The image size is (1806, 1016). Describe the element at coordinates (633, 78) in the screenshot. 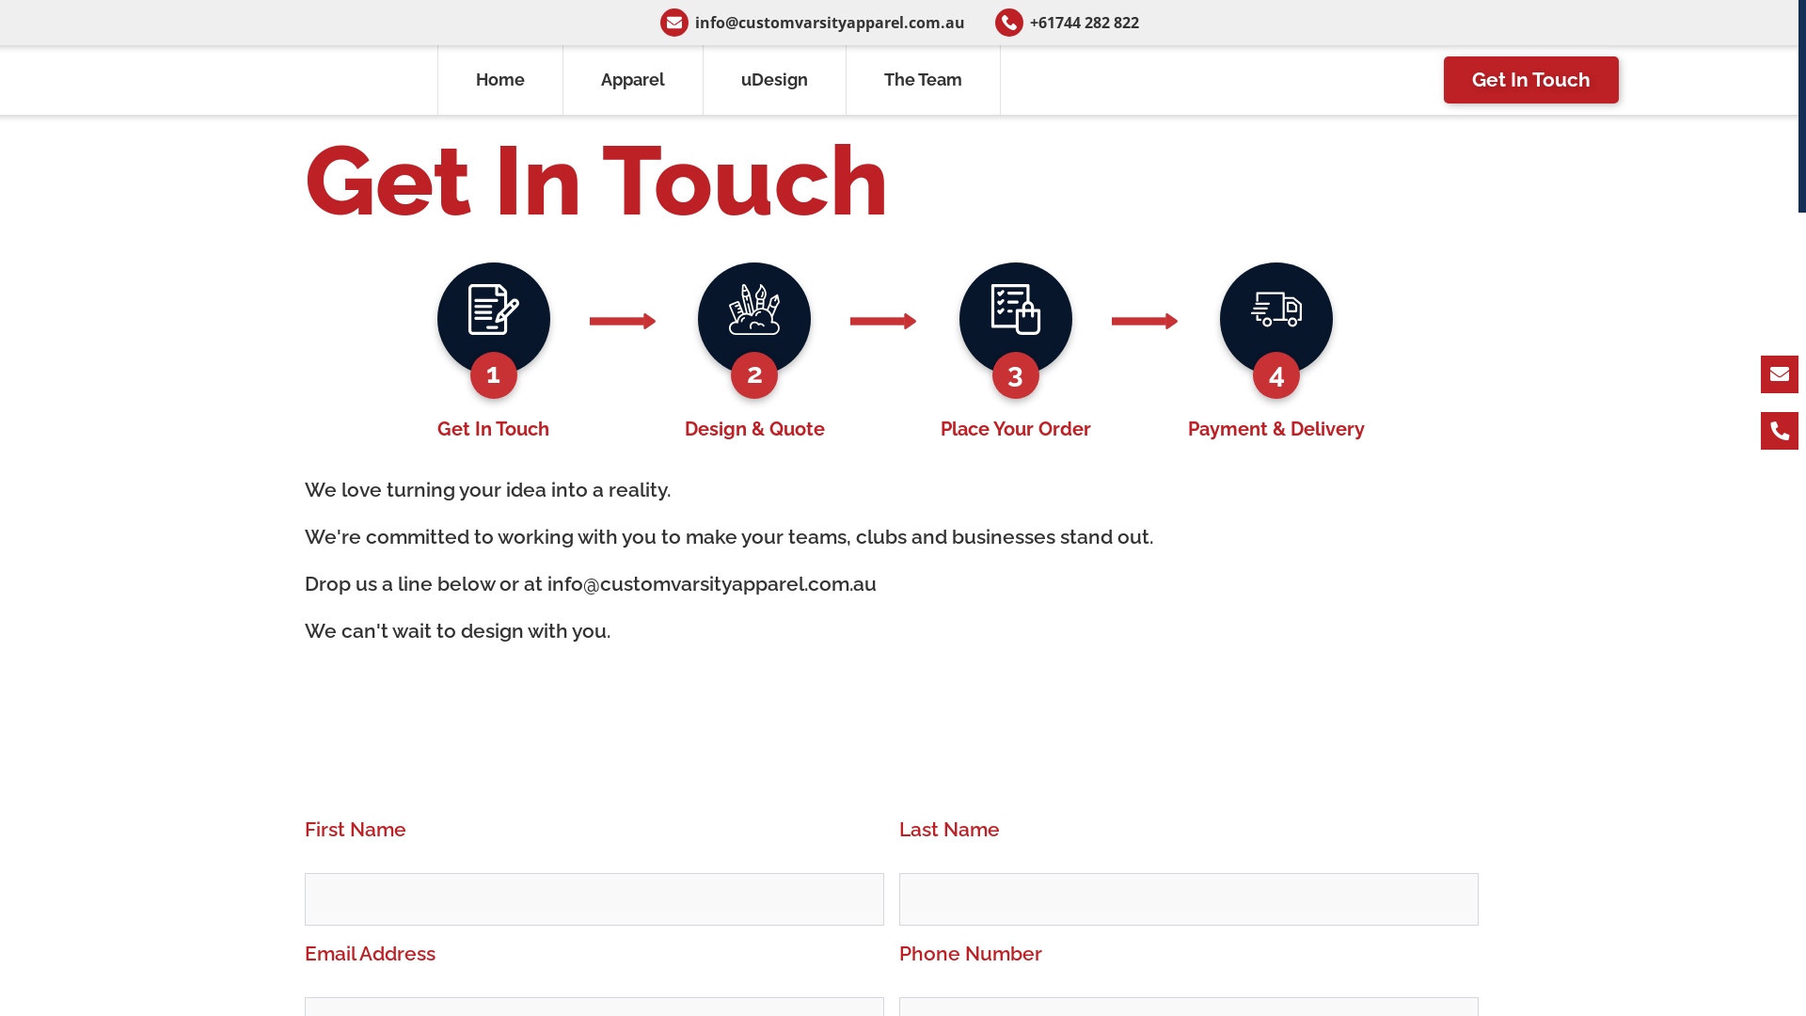

I see `'Apparel'` at that location.